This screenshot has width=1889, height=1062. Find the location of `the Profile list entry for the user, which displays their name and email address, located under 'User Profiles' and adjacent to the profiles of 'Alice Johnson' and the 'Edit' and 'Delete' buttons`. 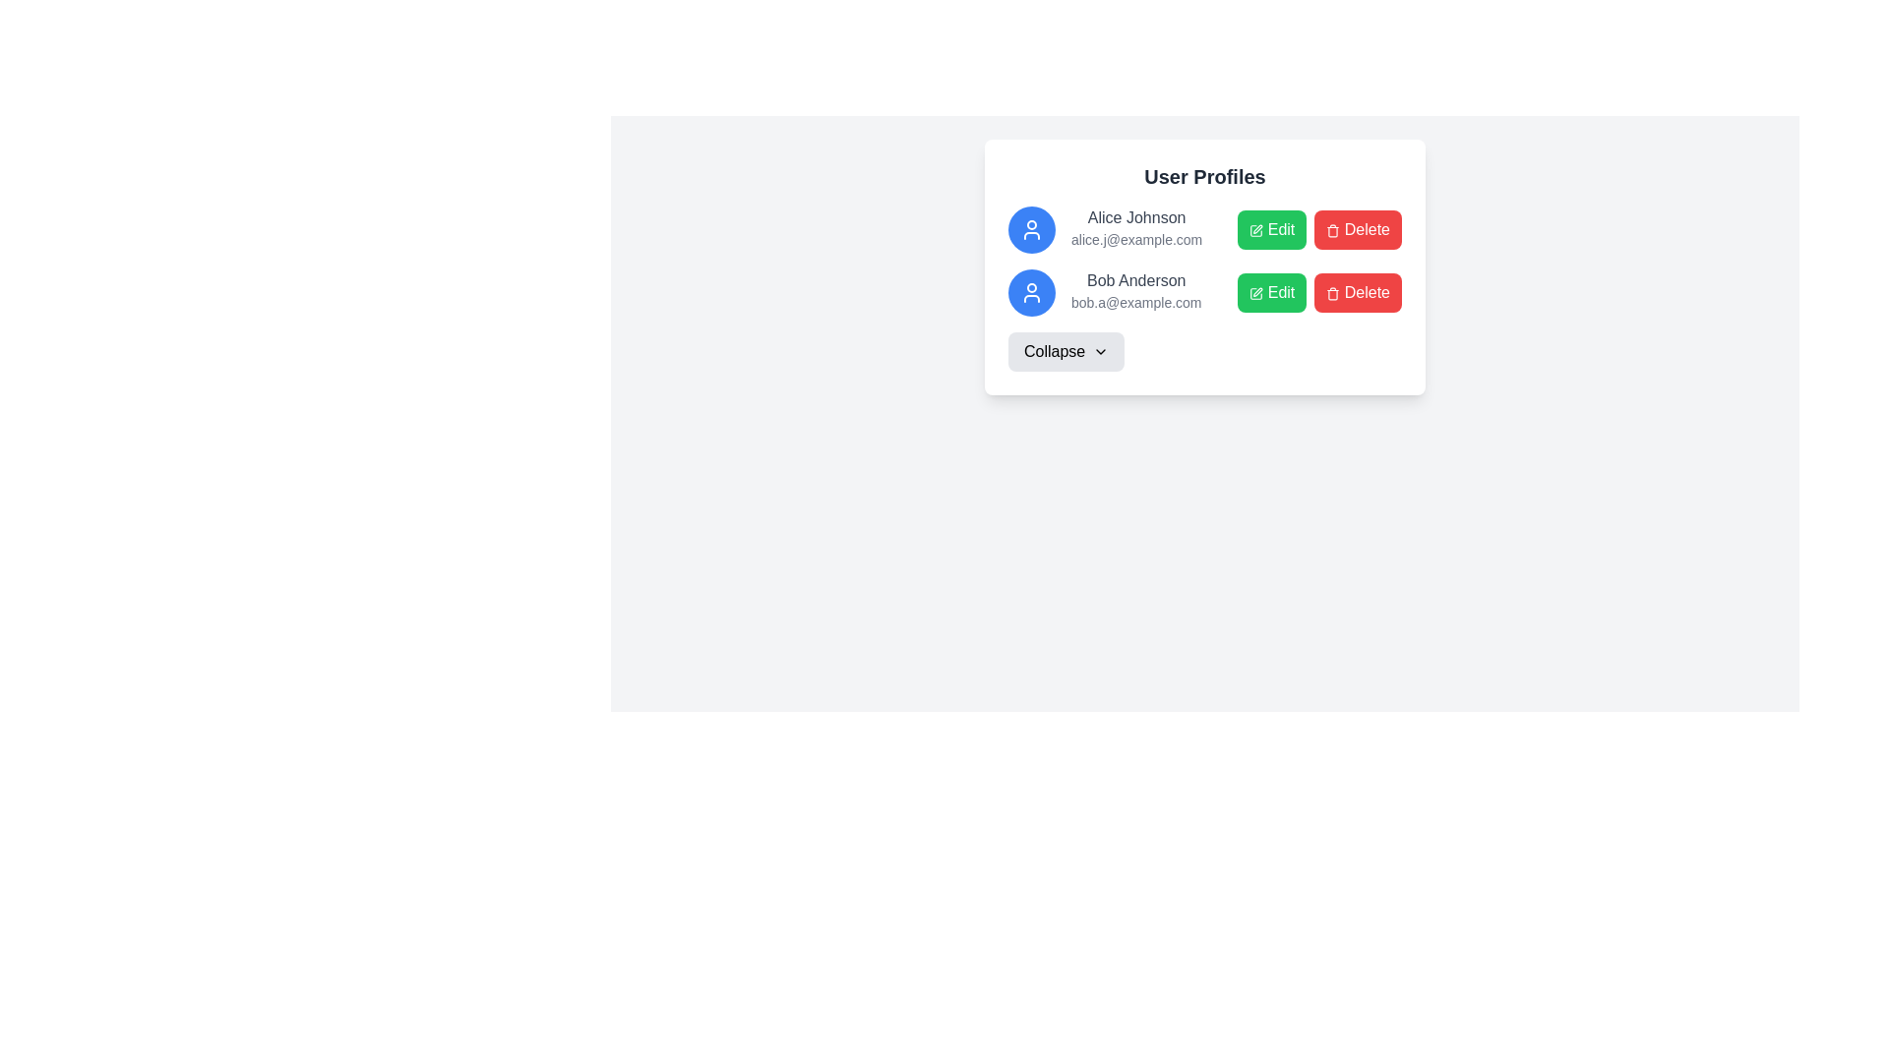

the Profile list entry for the user, which displays their name and email address, located under 'User Profiles' and adjacent to the profiles of 'Alice Johnson' and the 'Edit' and 'Delete' buttons is located at coordinates (1105, 292).